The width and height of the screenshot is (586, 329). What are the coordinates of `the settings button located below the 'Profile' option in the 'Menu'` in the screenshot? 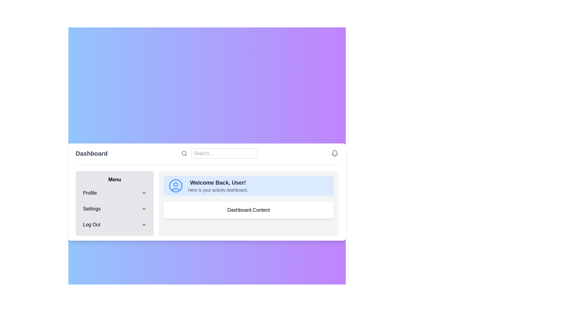 It's located at (114, 208).